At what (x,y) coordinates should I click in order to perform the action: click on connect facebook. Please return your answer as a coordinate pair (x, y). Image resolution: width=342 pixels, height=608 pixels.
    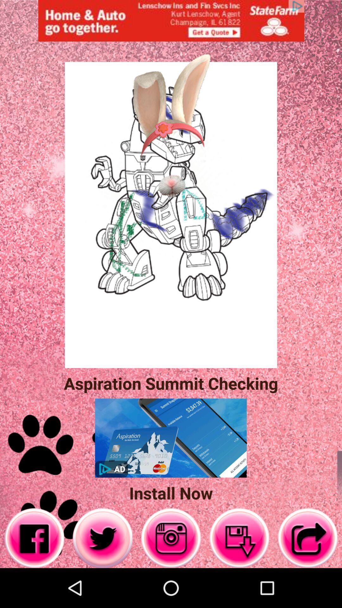
    Looking at the image, I should click on (34, 538).